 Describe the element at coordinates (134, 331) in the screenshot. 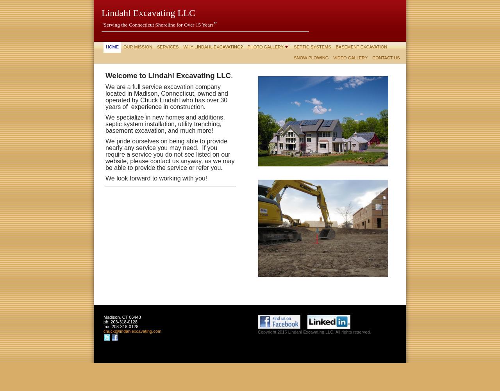

I see `'xcavating'` at that location.